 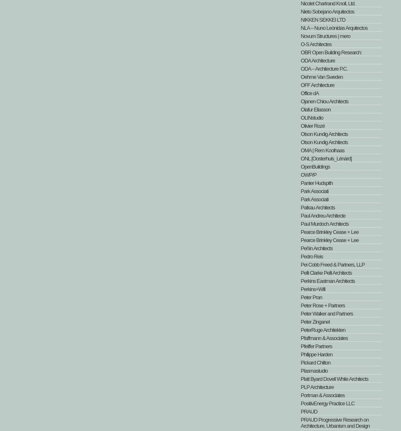 What do you see at coordinates (314, 370) in the screenshot?
I see `'Plasmastudio'` at bounding box center [314, 370].